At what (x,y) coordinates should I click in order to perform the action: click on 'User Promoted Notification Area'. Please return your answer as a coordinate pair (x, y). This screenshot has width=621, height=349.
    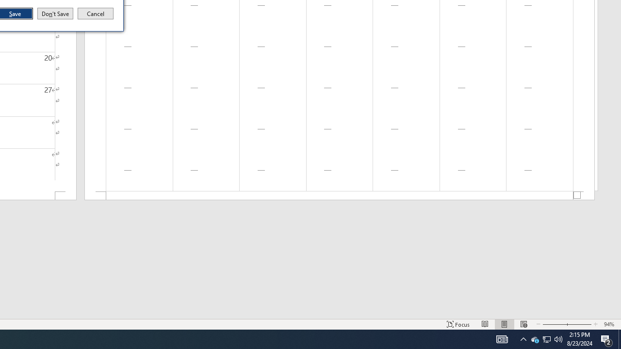
    Looking at the image, I should click on (547, 338).